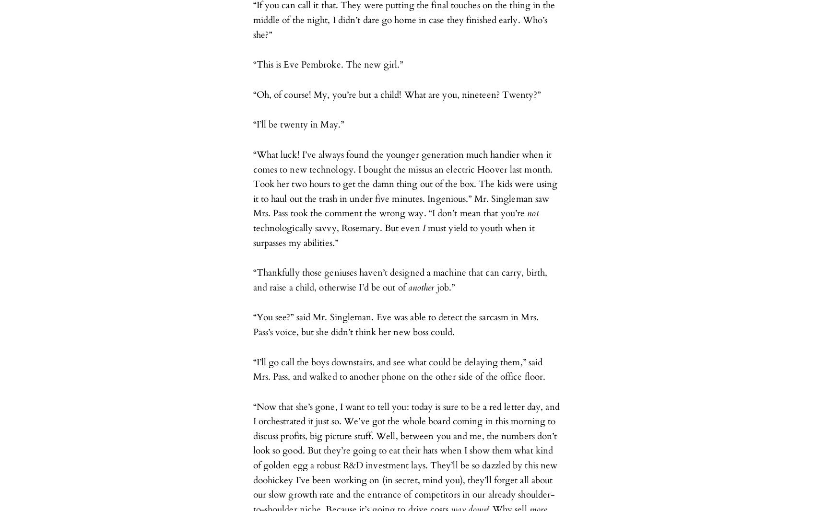 This screenshot has height=511, width=813. I want to click on 'technologically savvy, Rosemary. But even', so click(252, 228).